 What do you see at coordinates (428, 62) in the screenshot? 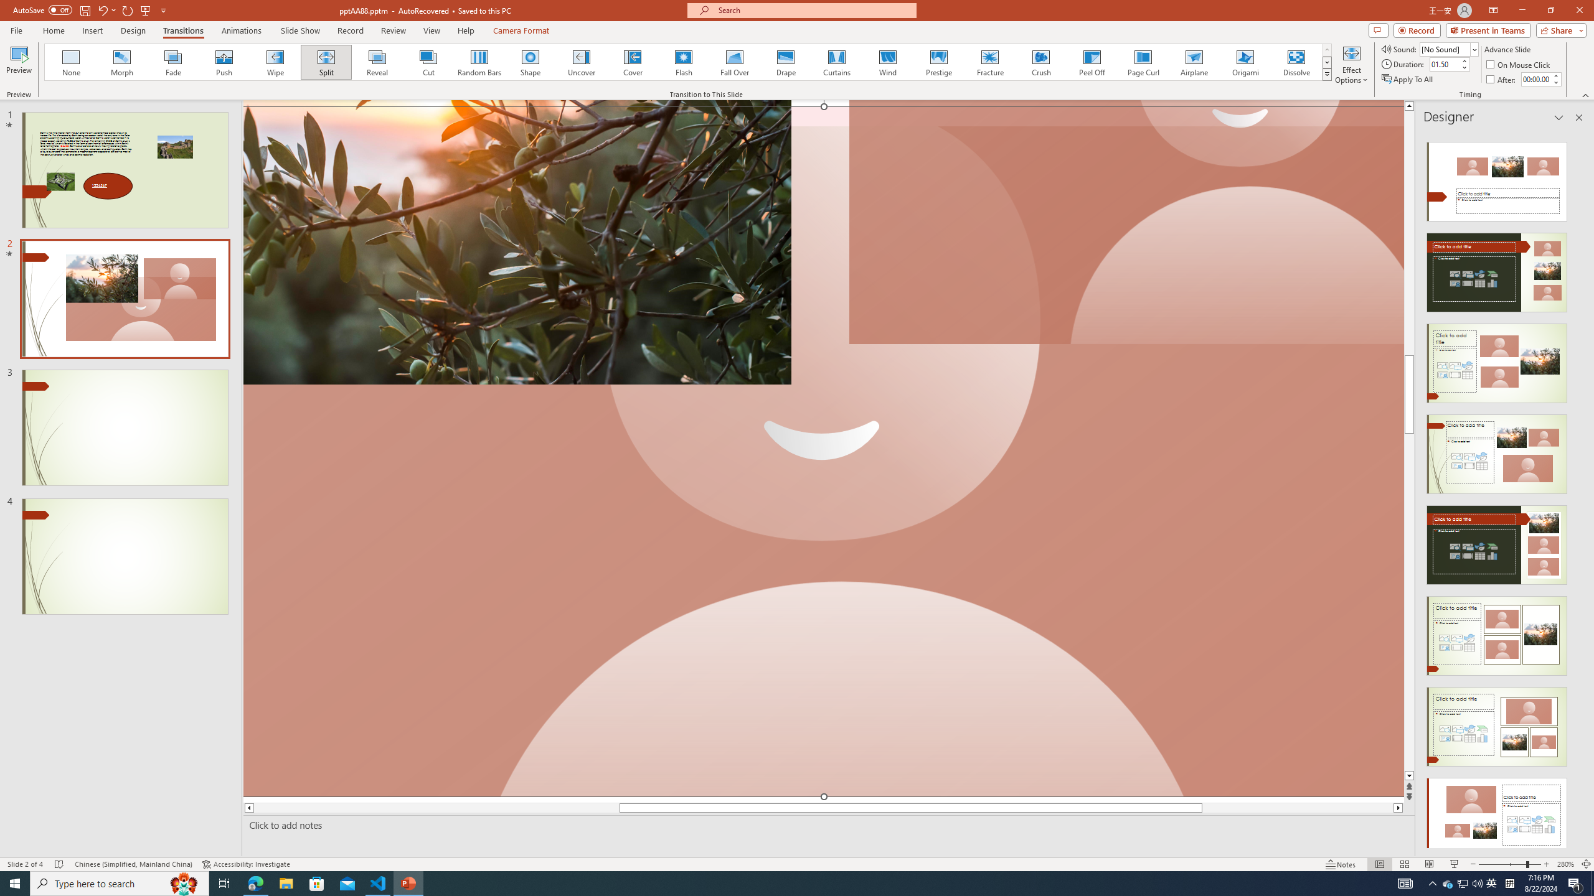
I see `'Cut'` at bounding box center [428, 62].